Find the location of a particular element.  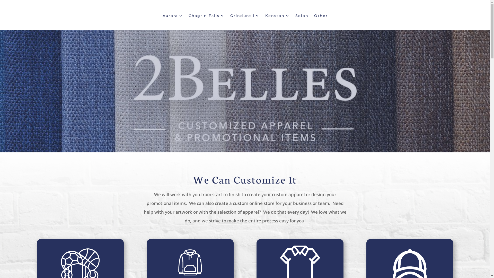

'Chagrin Falls' is located at coordinates (206, 16).